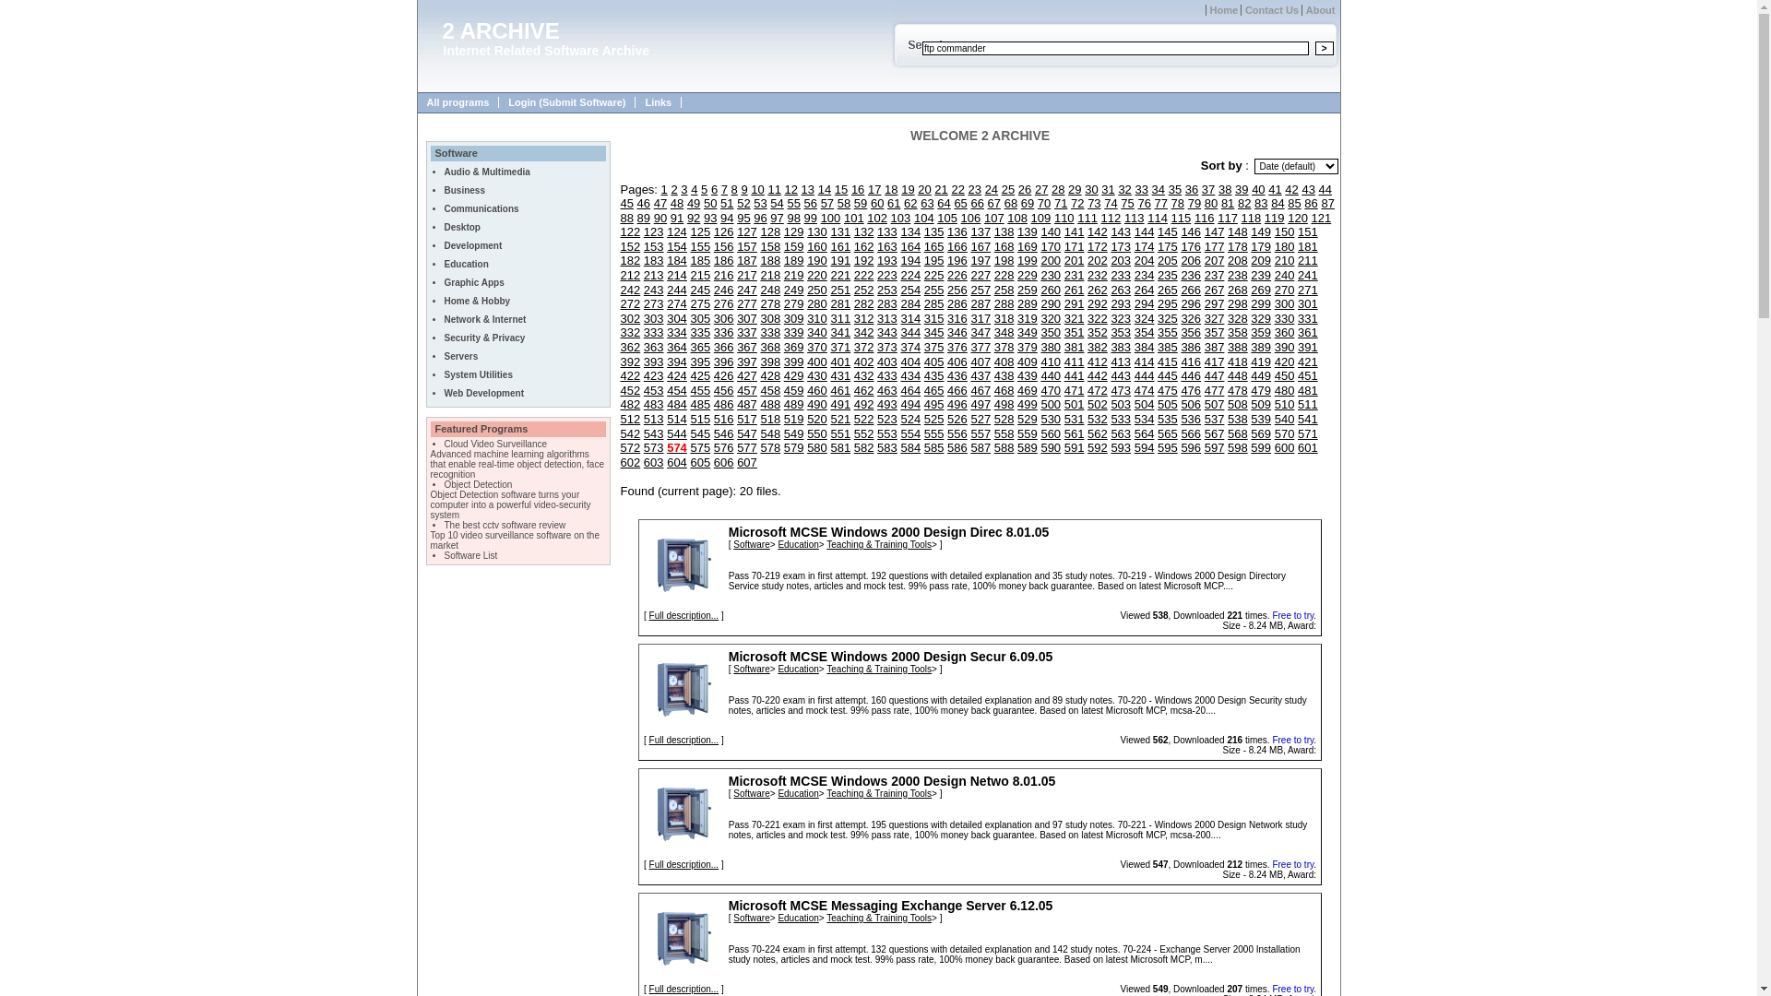  Describe the element at coordinates (947, 217) in the screenshot. I see `'105'` at that location.